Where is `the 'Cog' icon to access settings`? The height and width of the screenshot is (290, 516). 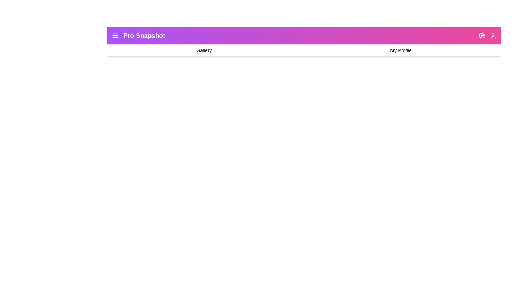 the 'Cog' icon to access settings is located at coordinates (482, 35).